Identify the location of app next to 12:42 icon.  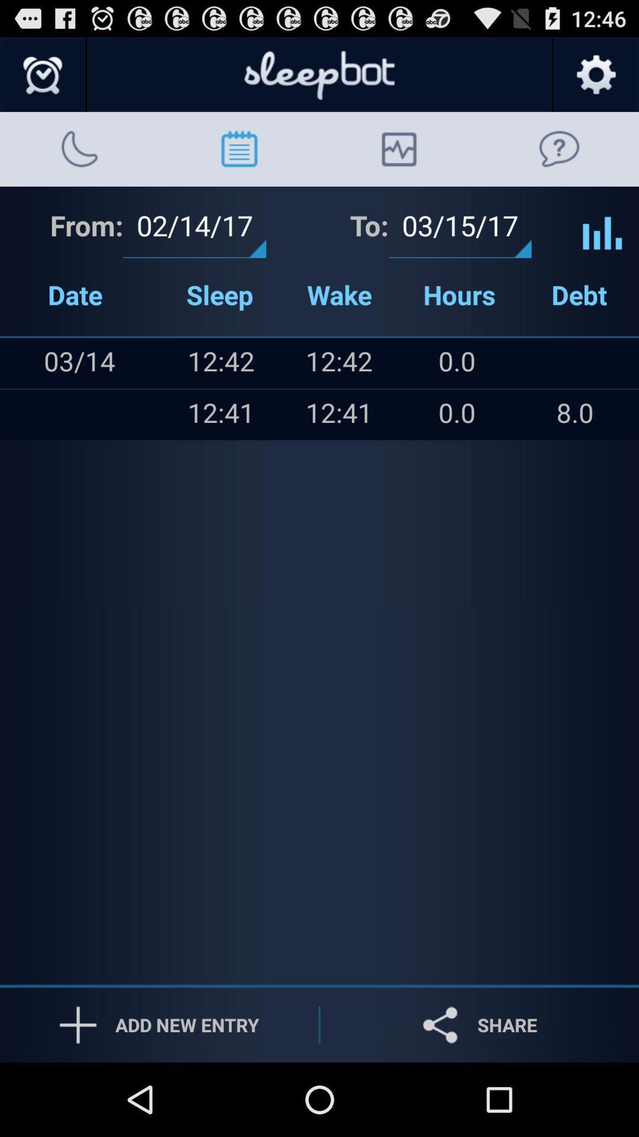
(102, 415).